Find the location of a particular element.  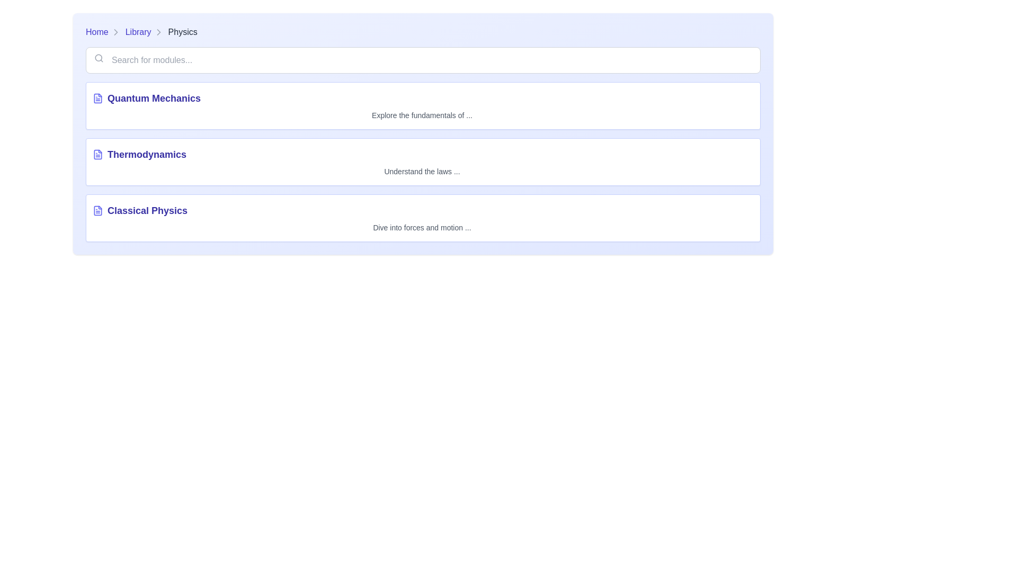

text of the 'Thermodynamics' label, which is positioned below the 'Quantum Mechanics' title and above the 'Classical Physics' title in the vertically stacked list is located at coordinates (146, 155).